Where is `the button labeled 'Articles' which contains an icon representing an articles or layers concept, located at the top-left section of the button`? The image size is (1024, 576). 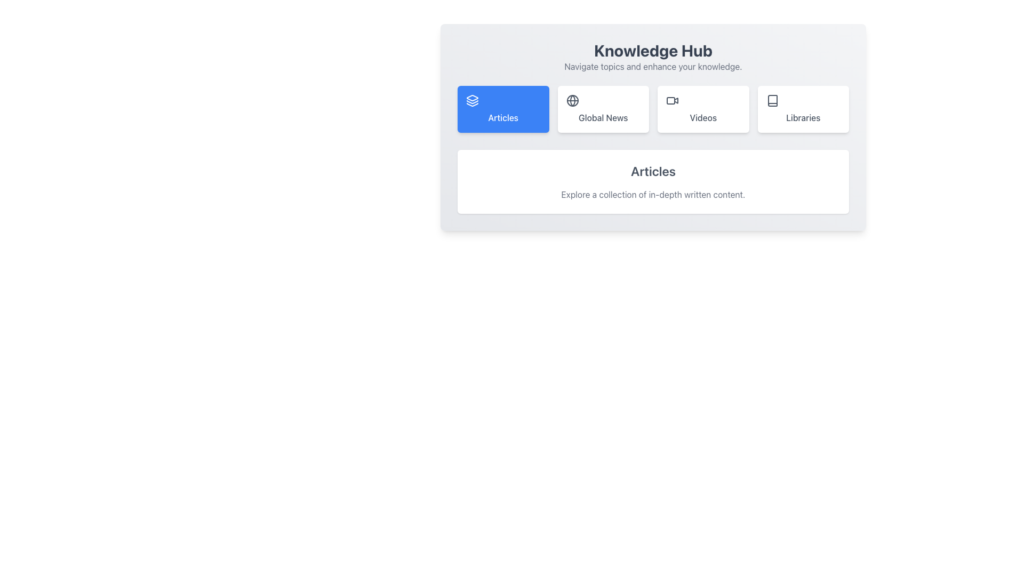 the button labeled 'Articles' which contains an icon representing an articles or layers concept, located at the top-left section of the button is located at coordinates (472, 101).